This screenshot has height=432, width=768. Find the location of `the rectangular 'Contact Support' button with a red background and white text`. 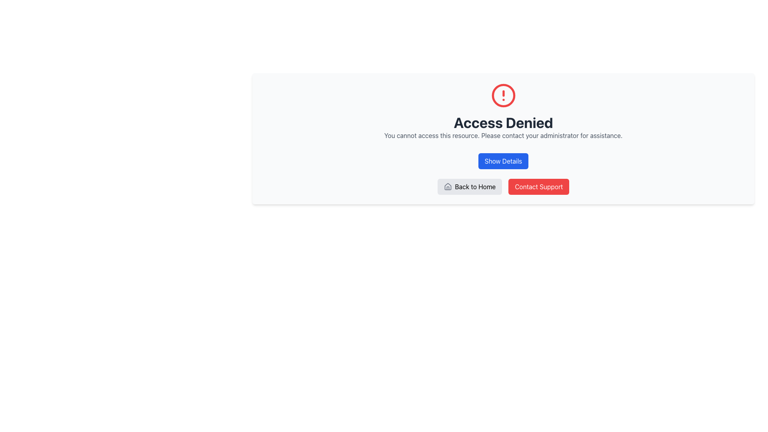

the rectangular 'Contact Support' button with a red background and white text is located at coordinates (539, 186).